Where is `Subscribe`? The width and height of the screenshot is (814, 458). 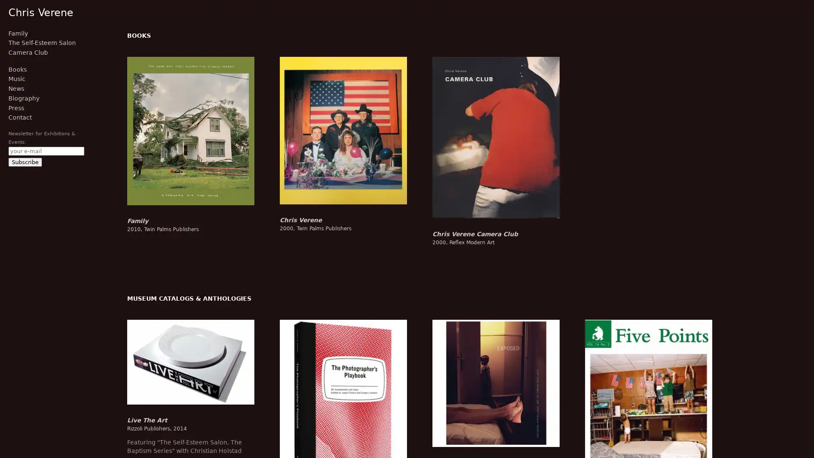 Subscribe is located at coordinates (25, 162).